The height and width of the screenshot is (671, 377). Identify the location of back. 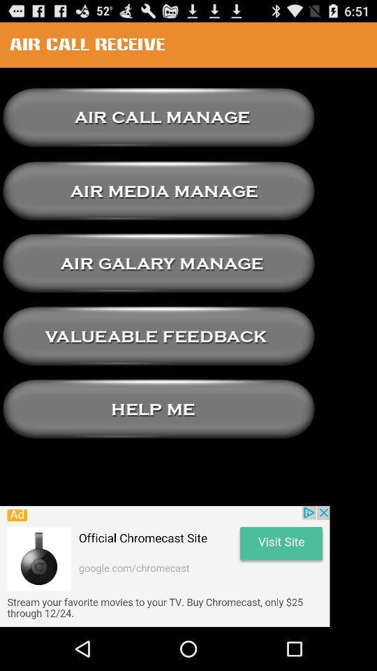
(158, 190).